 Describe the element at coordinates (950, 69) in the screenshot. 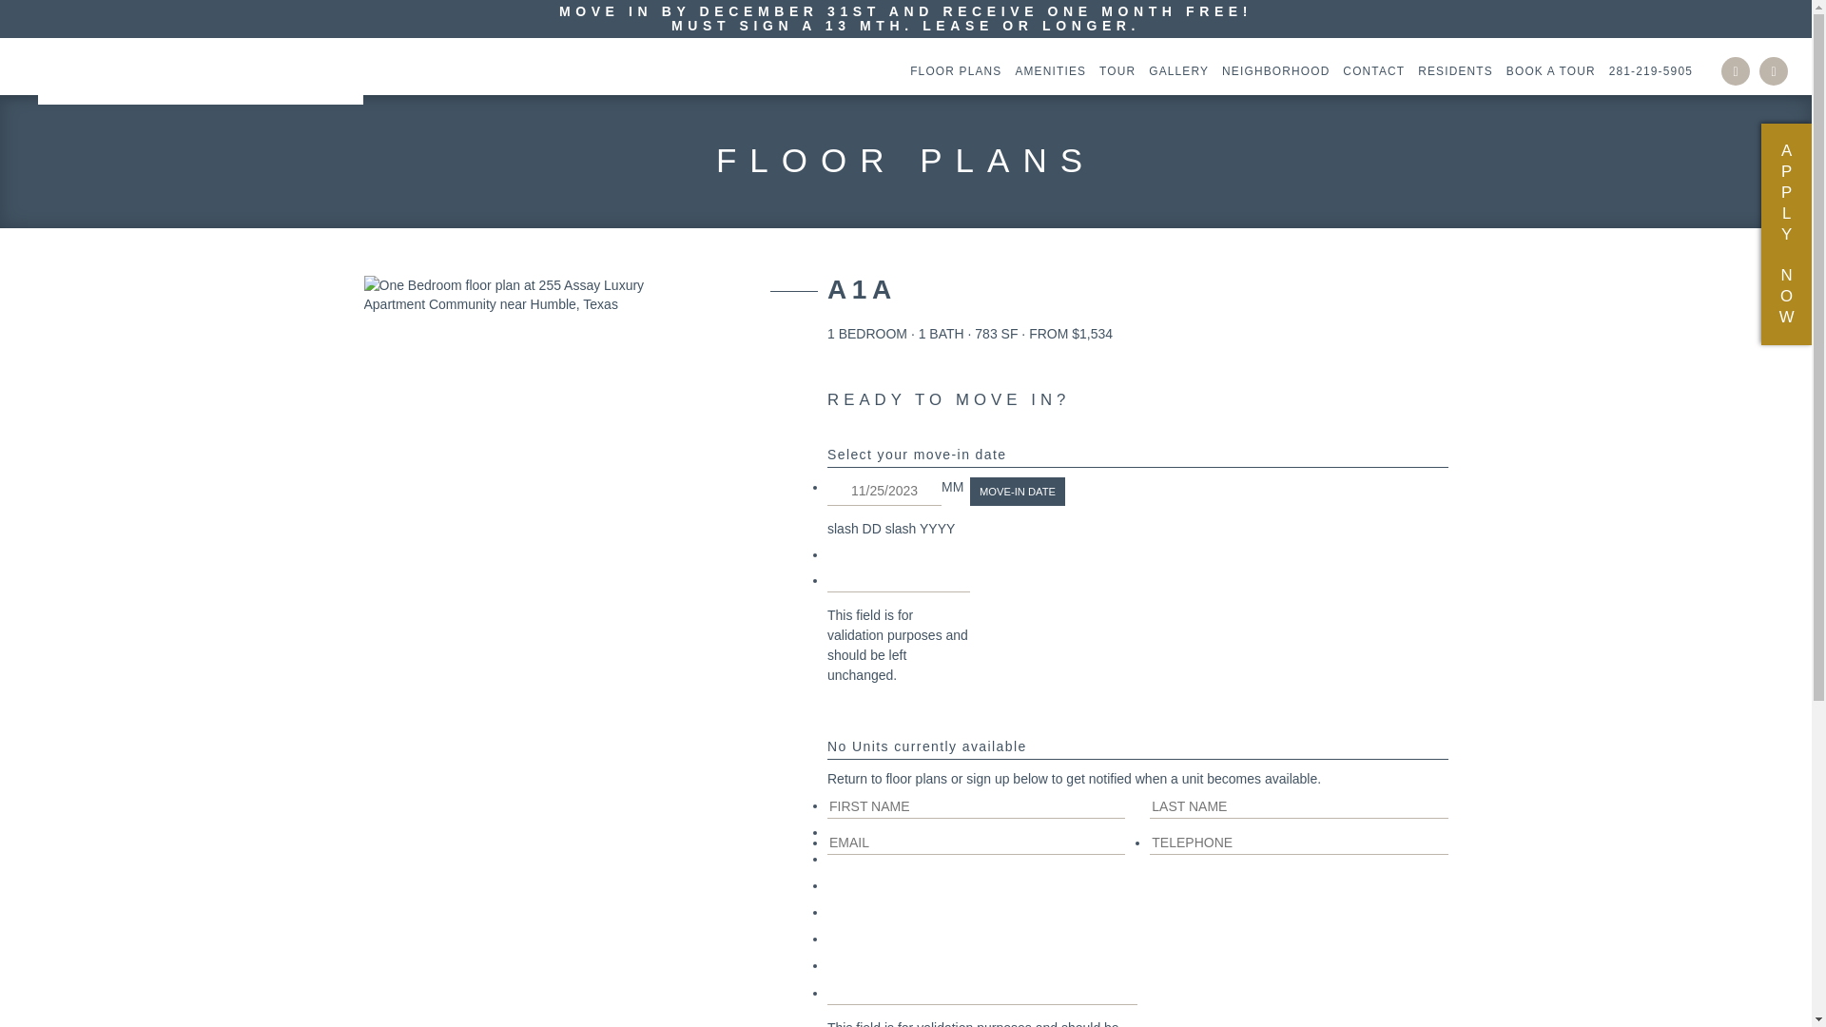

I see `'FLOOR PLANS'` at that location.